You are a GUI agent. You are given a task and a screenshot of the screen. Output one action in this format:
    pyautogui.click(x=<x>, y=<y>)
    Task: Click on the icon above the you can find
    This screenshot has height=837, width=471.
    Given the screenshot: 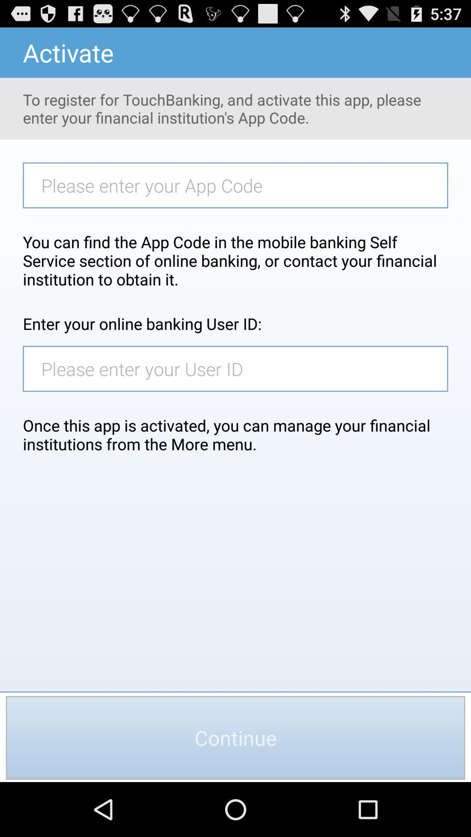 What is the action you would take?
    pyautogui.click(x=240, y=185)
    